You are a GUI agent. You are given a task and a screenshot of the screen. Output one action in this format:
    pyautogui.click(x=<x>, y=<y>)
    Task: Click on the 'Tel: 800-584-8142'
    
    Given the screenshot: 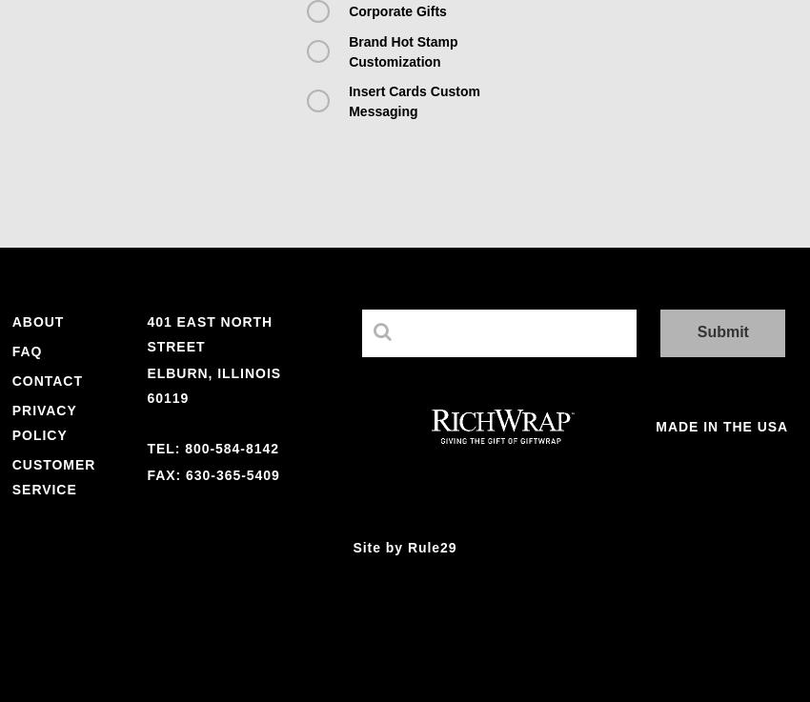 What is the action you would take?
    pyautogui.click(x=213, y=447)
    